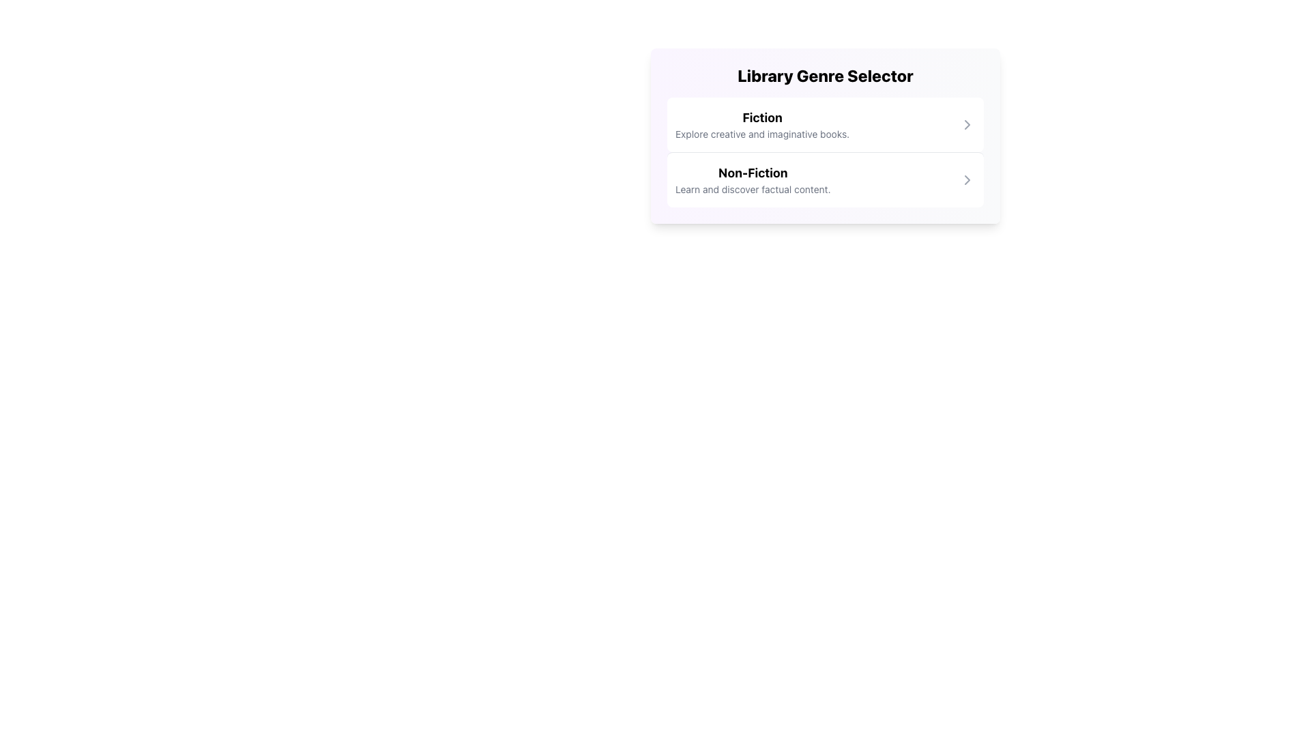 Image resolution: width=1310 pixels, height=737 pixels. What do you see at coordinates (824, 124) in the screenshot?
I see `the selectable card for the 'Fiction' genre` at bounding box center [824, 124].